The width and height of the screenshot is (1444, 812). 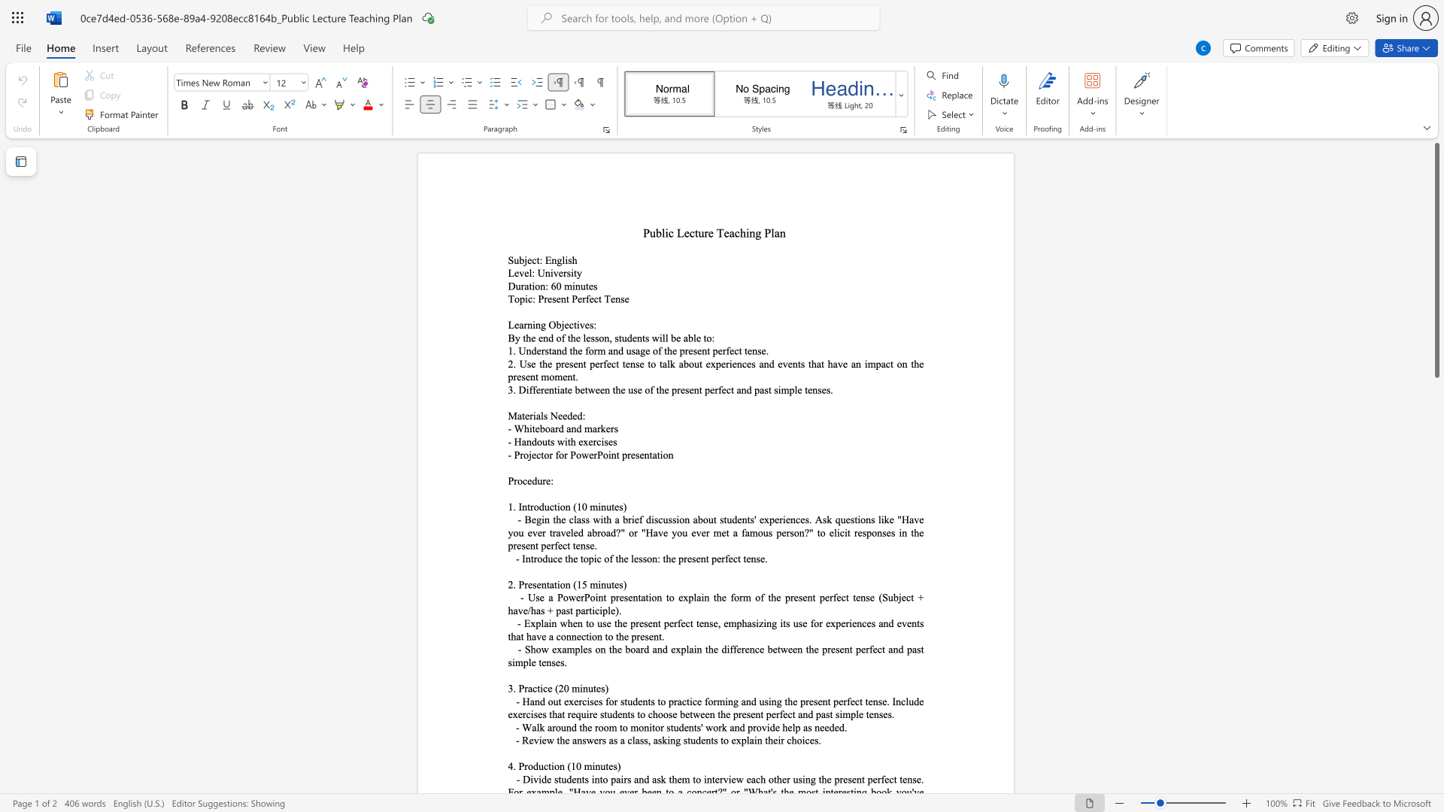 I want to click on the 1th character "T" in the text, so click(x=719, y=232).